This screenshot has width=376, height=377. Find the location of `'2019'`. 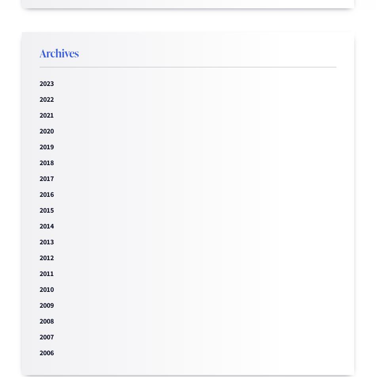

'2019' is located at coordinates (46, 147).